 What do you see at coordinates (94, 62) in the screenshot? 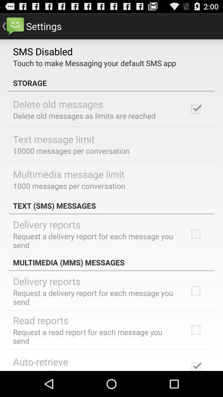
I see `touch to make item` at bounding box center [94, 62].